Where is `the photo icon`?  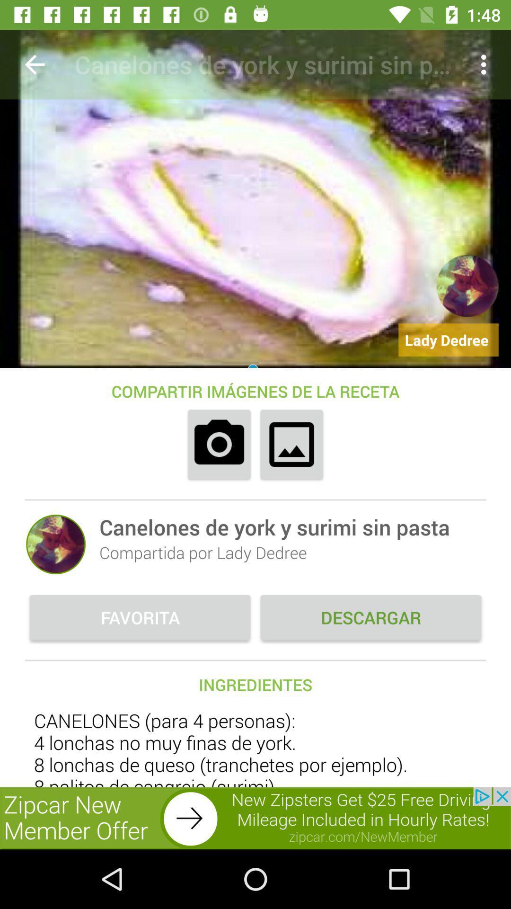
the photo icon is located at coordinates (219, 444).